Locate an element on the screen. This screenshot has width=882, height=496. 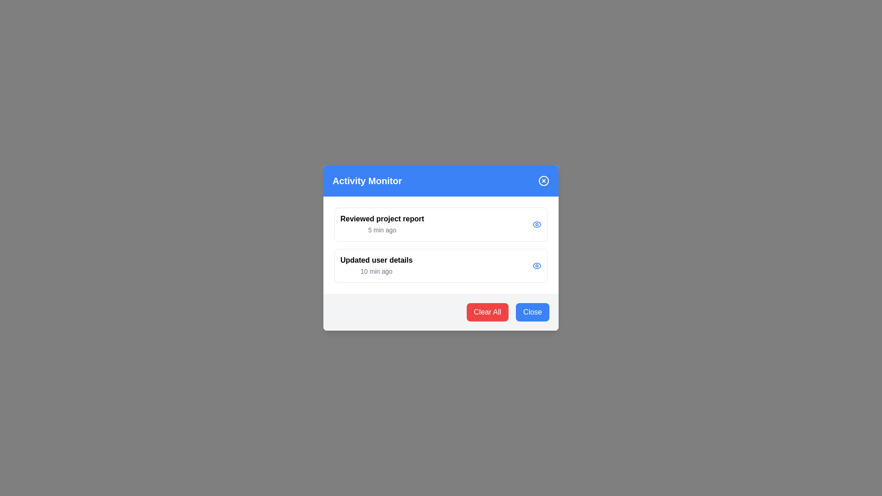
the close icon to close the dialog is located at coordinates (544, 180).